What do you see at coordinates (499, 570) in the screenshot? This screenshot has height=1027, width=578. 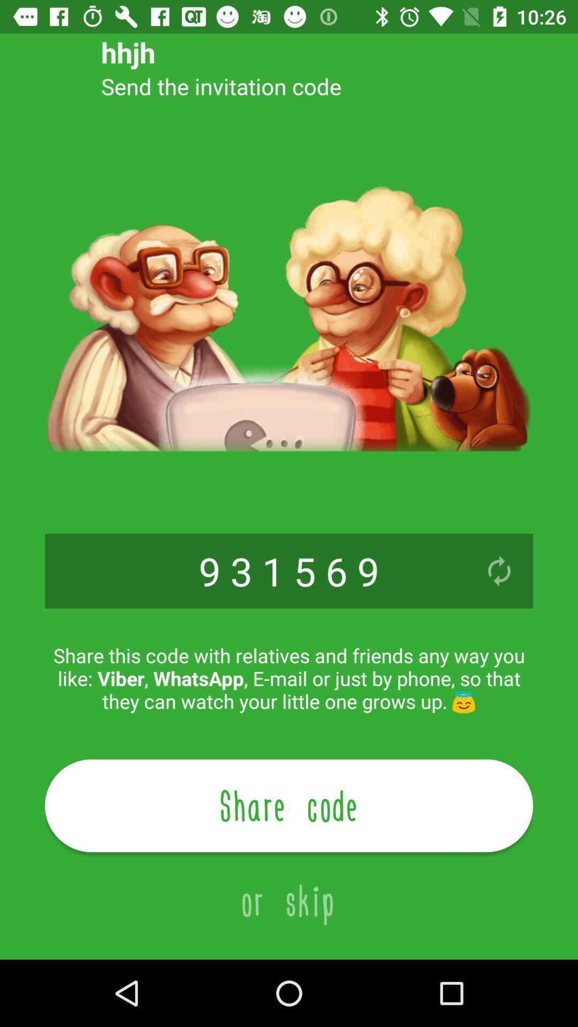 I see `the icon to the right of the 9 3 1 item` at bounding box center [499, 570].